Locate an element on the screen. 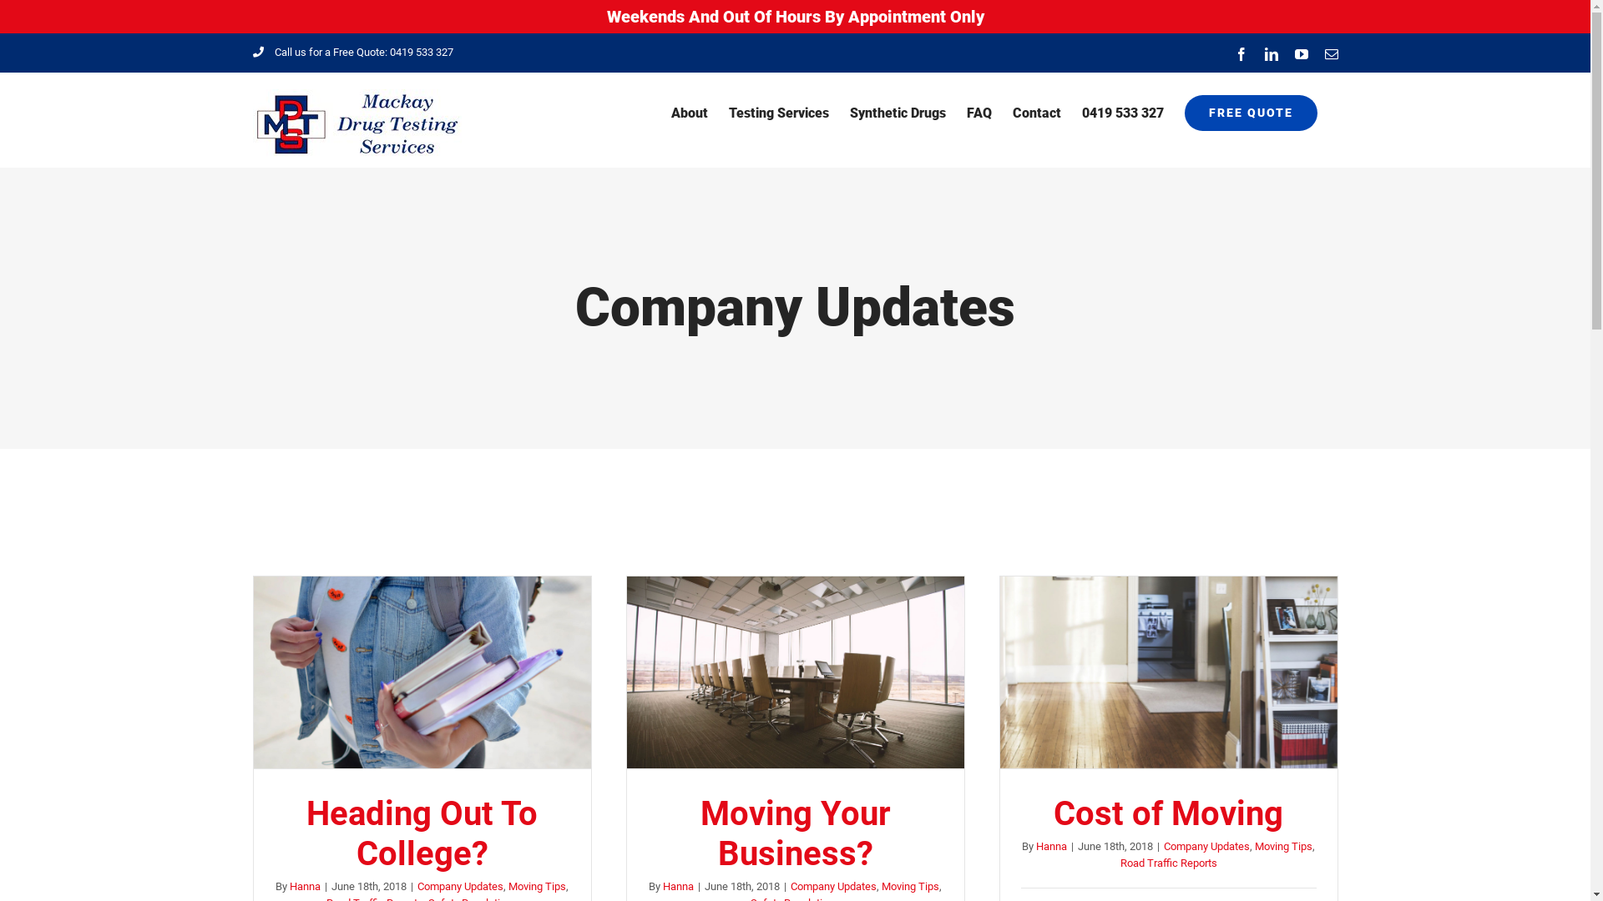 The height and width of the screenshot is (901, 1603). 'FAQ' is located at coordinates (978, 113).